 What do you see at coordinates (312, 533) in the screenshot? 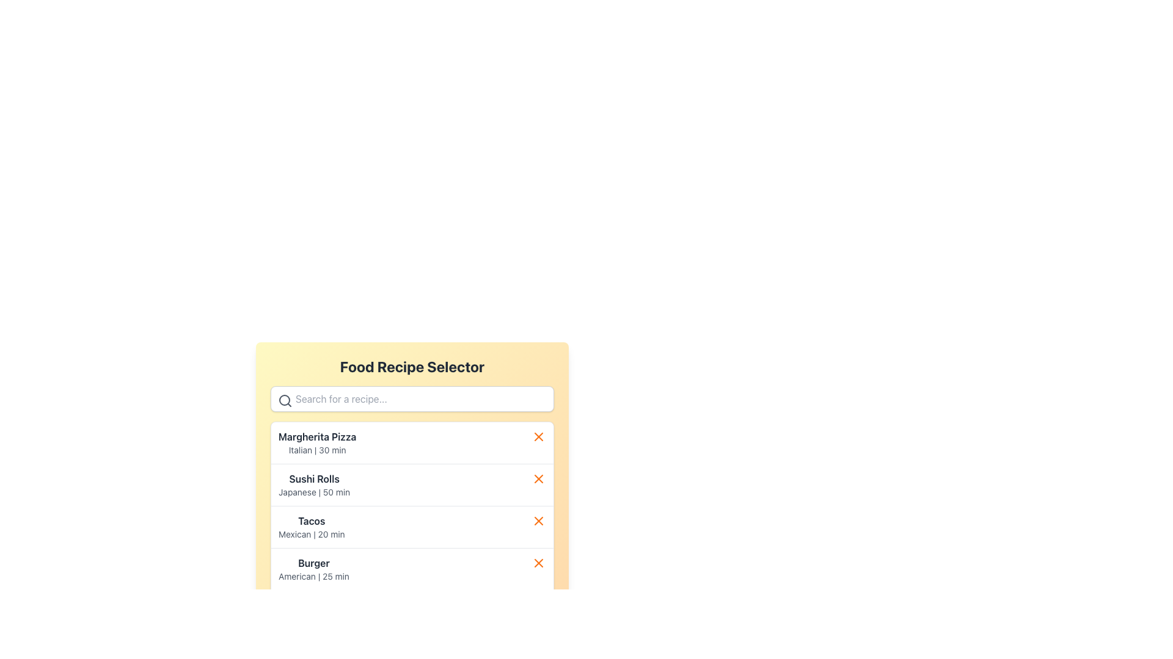
I see `the Text label providing additional information about the recipe titled 'Tacos', located in the third entry of the vertically organized list under 'Food Recipe Selector'` at bounding box center [312, 533].